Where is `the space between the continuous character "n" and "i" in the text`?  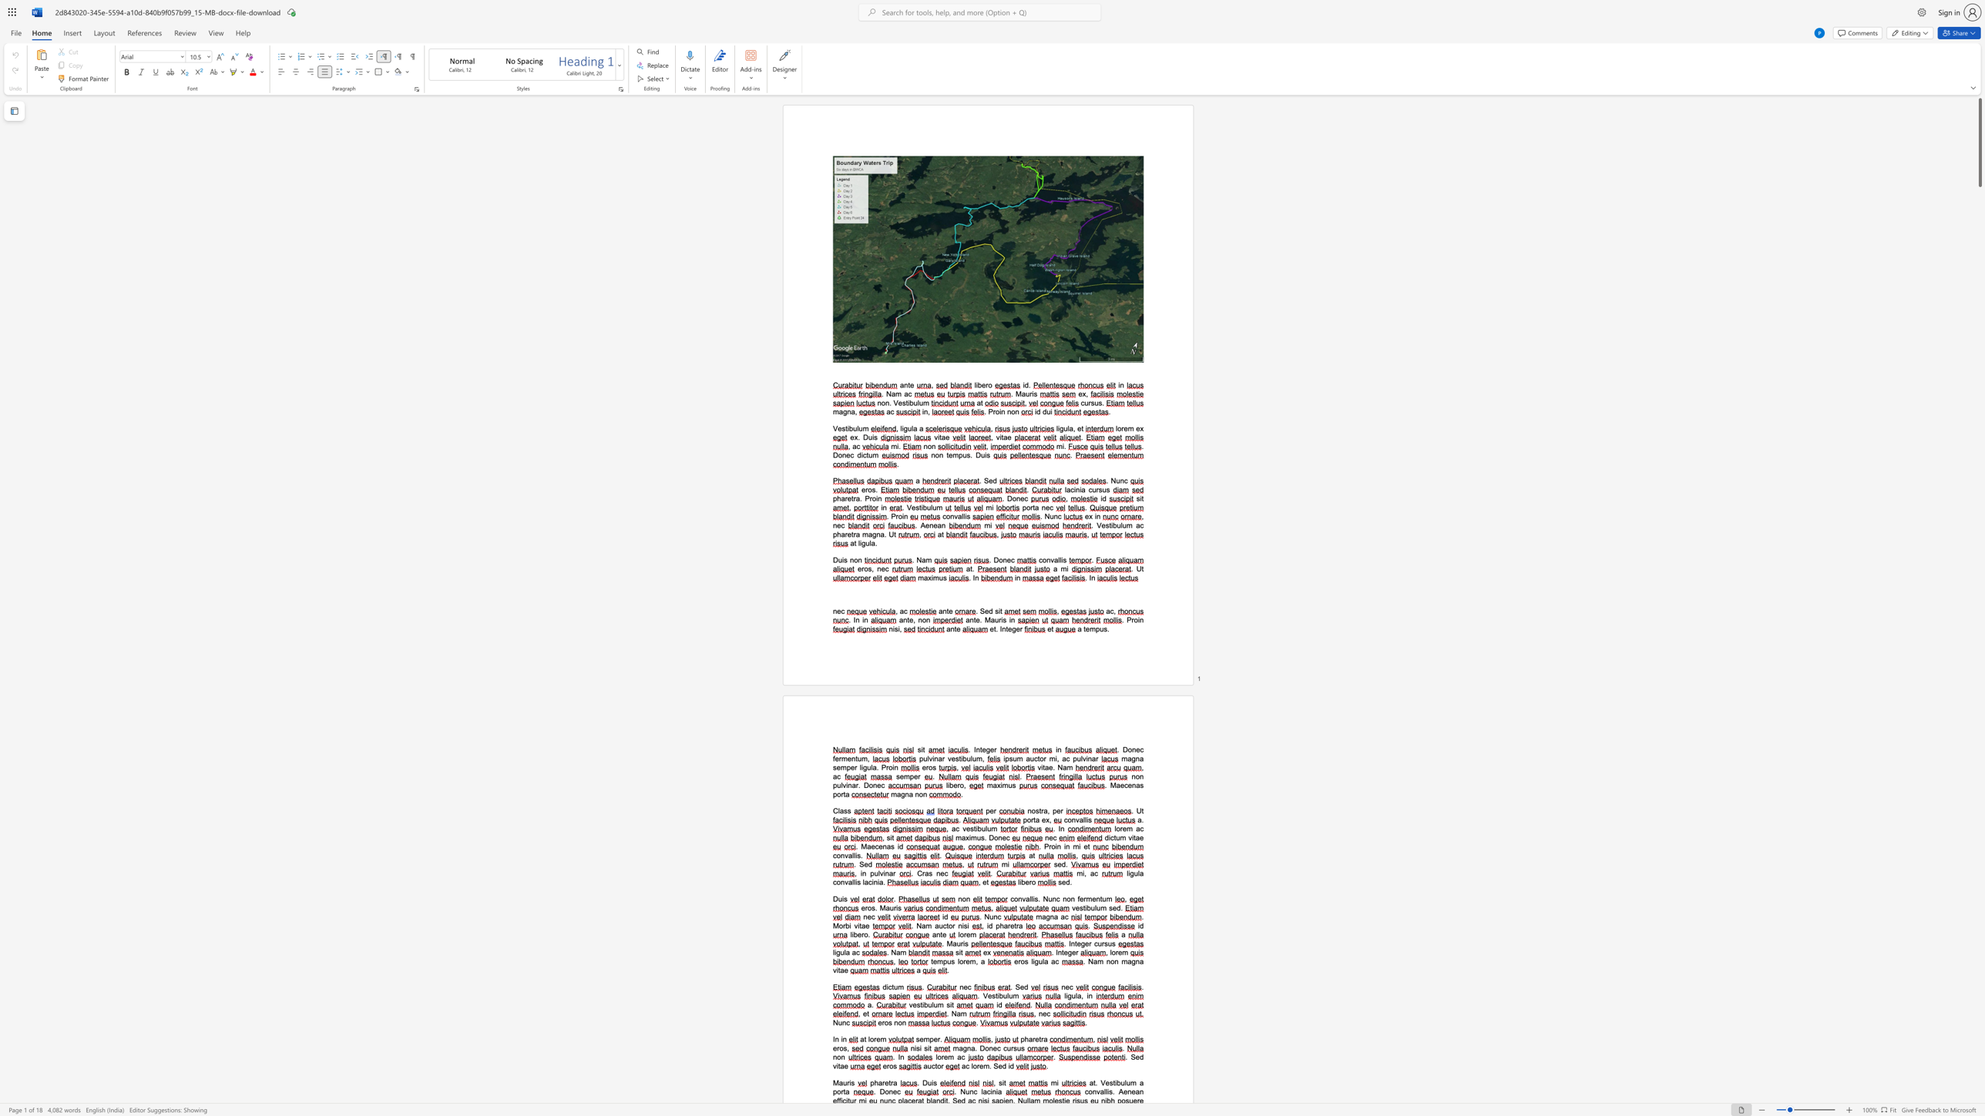 the space between the continuous character "n" and "i" in the text is located at coordinates (960, 925).